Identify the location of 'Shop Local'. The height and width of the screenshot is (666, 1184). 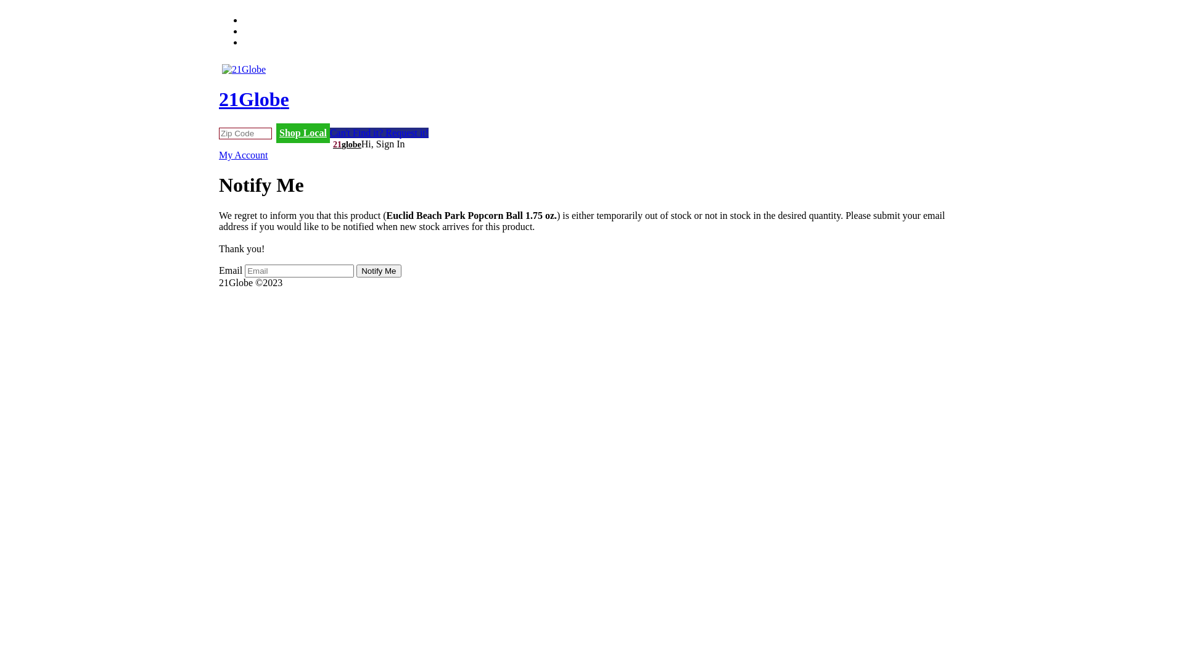
(303, 133).